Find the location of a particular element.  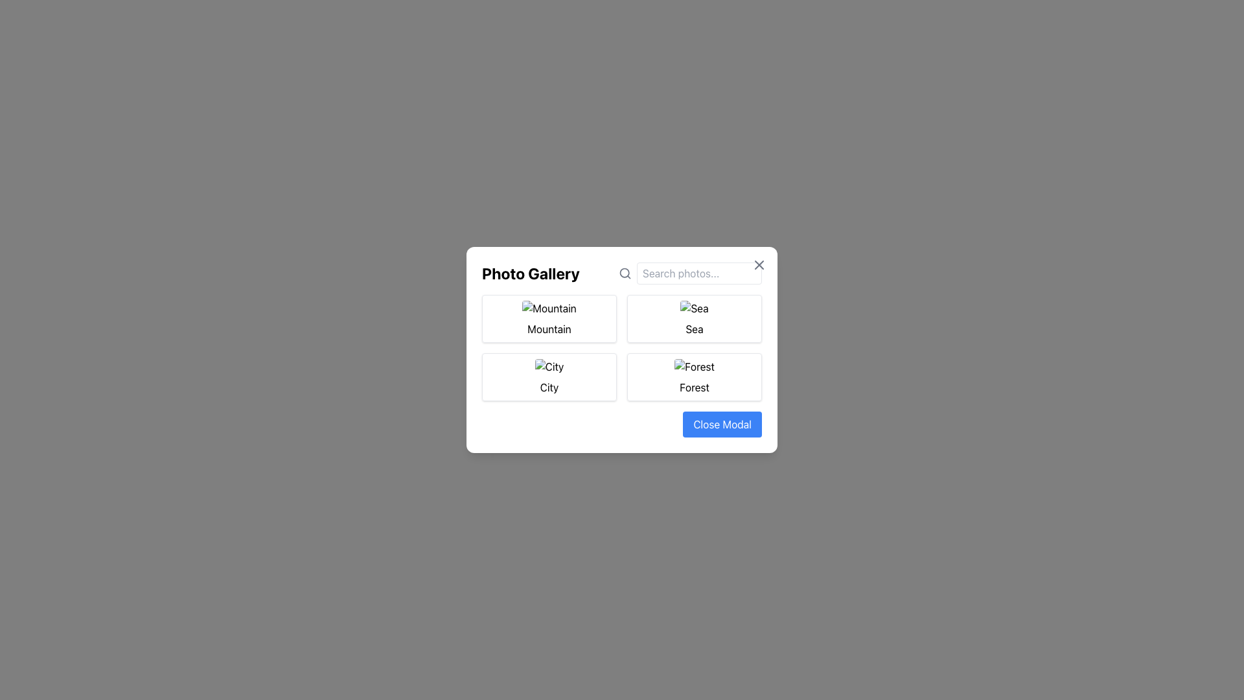

the blue rounded rectangular button labeled 'Close Modal' to change its background color is located at coordinates (722, 425).